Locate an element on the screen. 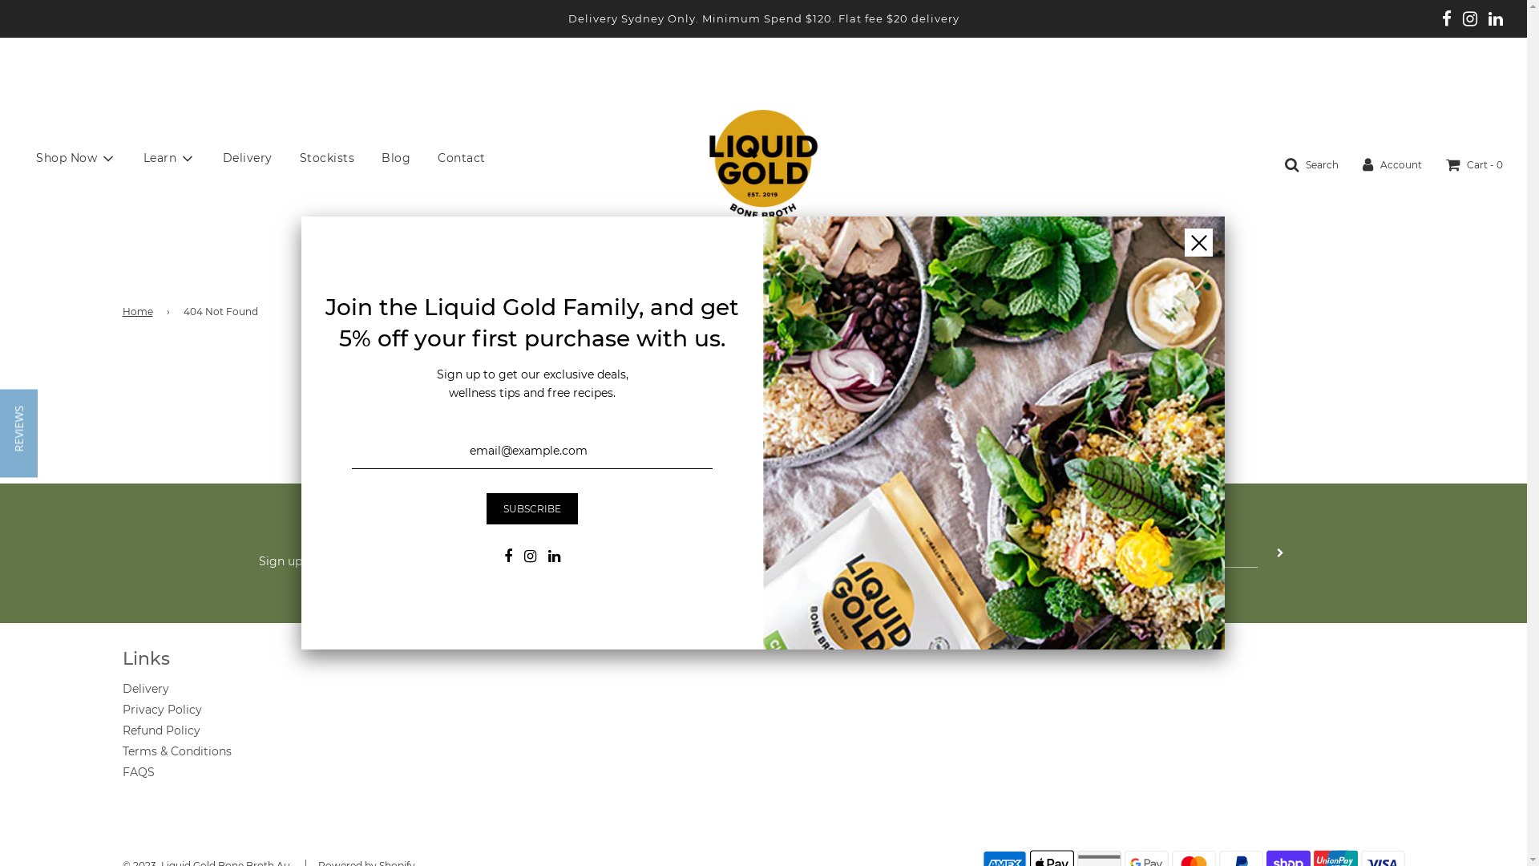 This screenshot has height=866, width=1539. 'FAQS' is located at coordinates (138, 771).